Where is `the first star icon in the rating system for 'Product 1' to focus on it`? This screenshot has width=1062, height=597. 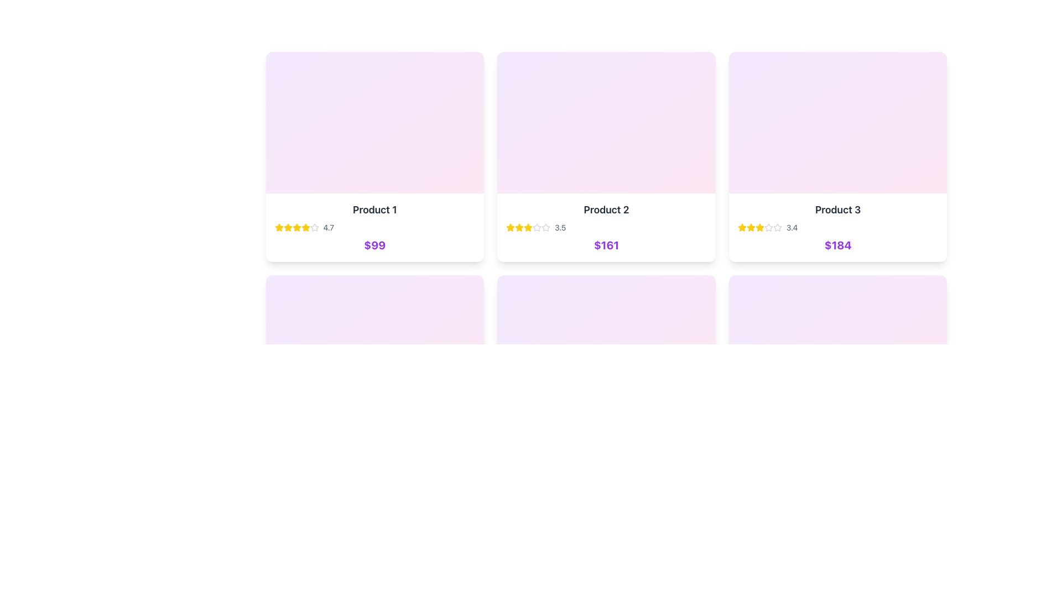
the first star icon in the rating system for 'Product 1' to focus on it is located at coordinates (288, 227).